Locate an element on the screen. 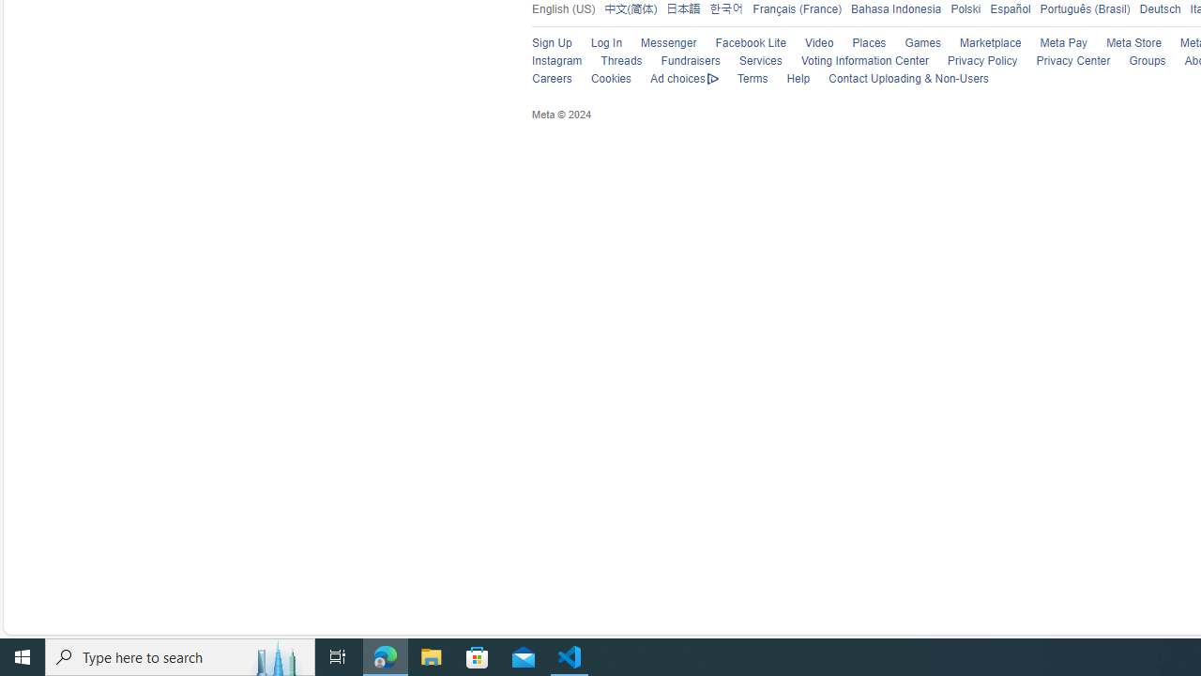  'Polski' is located at coordinates (961, 8).